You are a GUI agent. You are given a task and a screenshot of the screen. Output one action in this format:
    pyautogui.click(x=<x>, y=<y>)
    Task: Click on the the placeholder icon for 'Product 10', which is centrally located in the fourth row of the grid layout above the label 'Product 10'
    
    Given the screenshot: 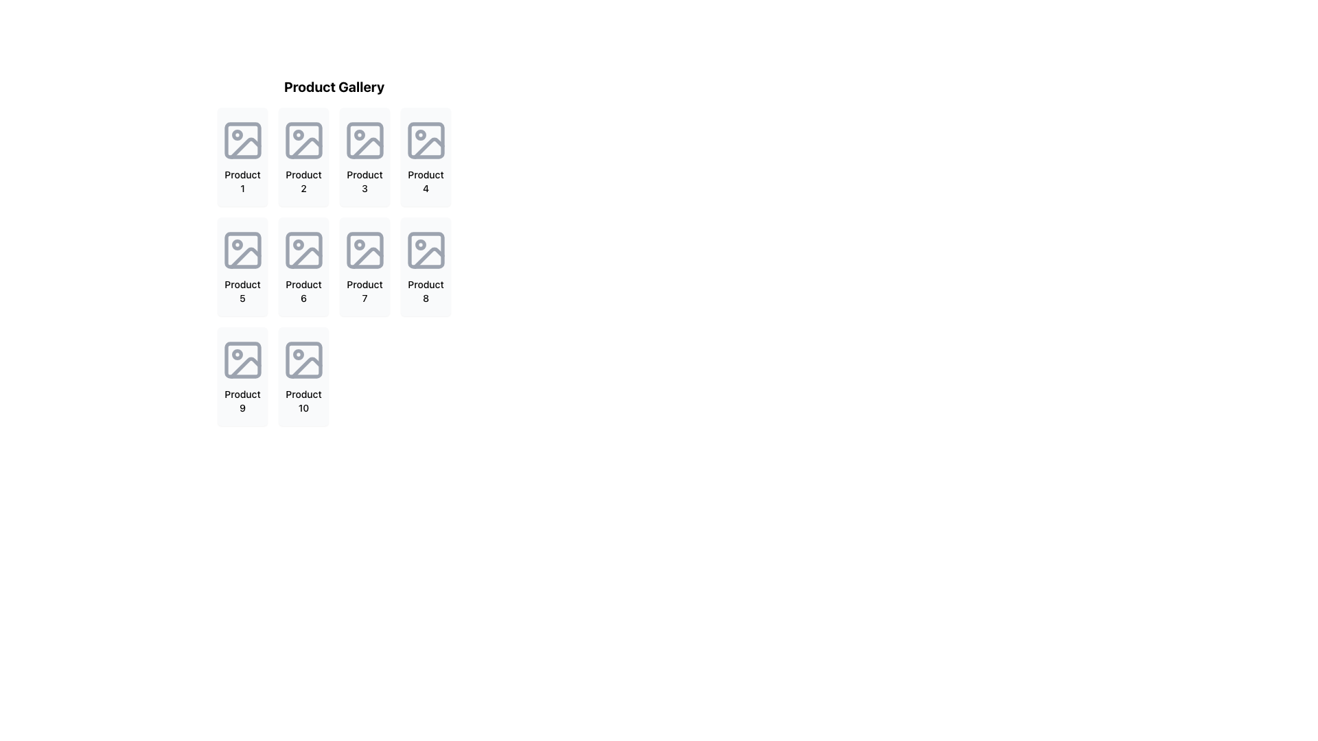 What is the action you would take?
    pyautogui.click(x=303, y=359)
    